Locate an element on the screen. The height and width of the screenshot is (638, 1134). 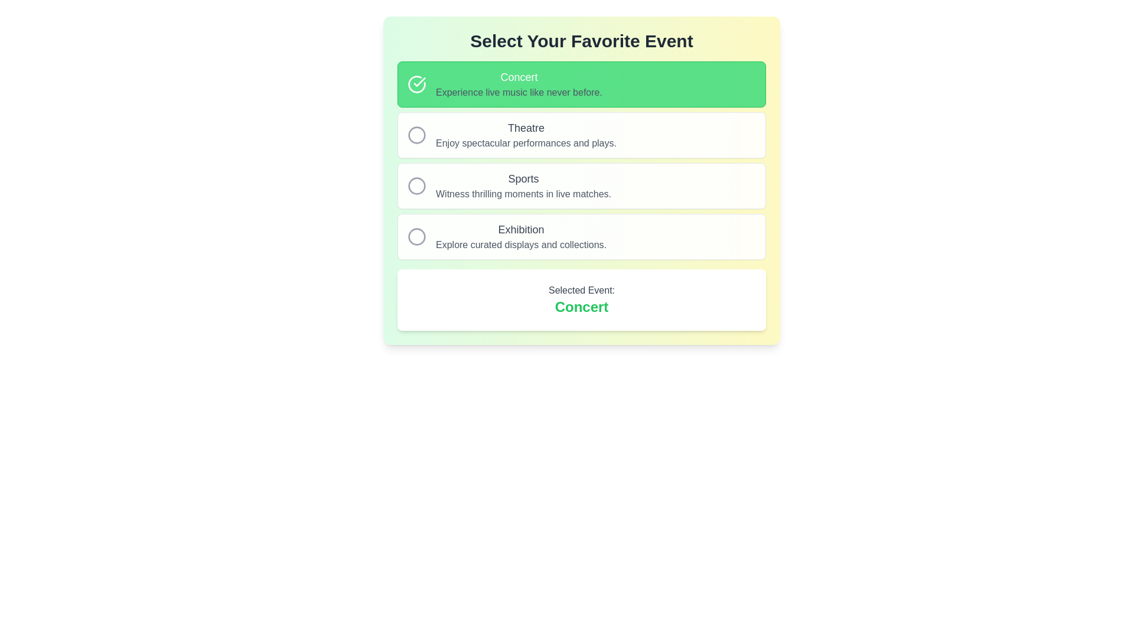
the selectable list item containing the text 'Theatre', which is the second item in the vertical list and has a bold, larger font is located at coordinates (525, 134).